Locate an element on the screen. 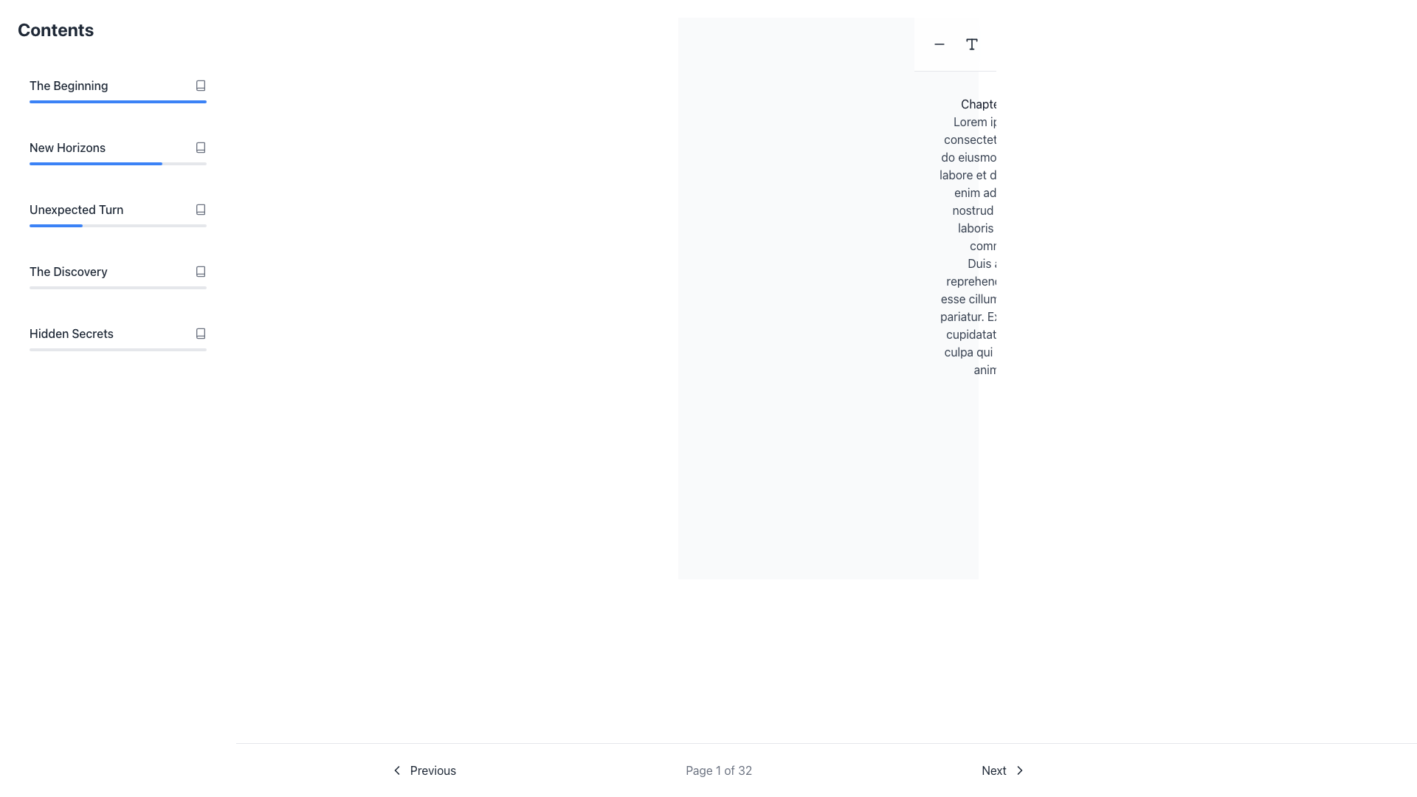 The image size is (1417, 797). the navigation button located at the bottom-right of the page is located at coordinates (1004, 770).